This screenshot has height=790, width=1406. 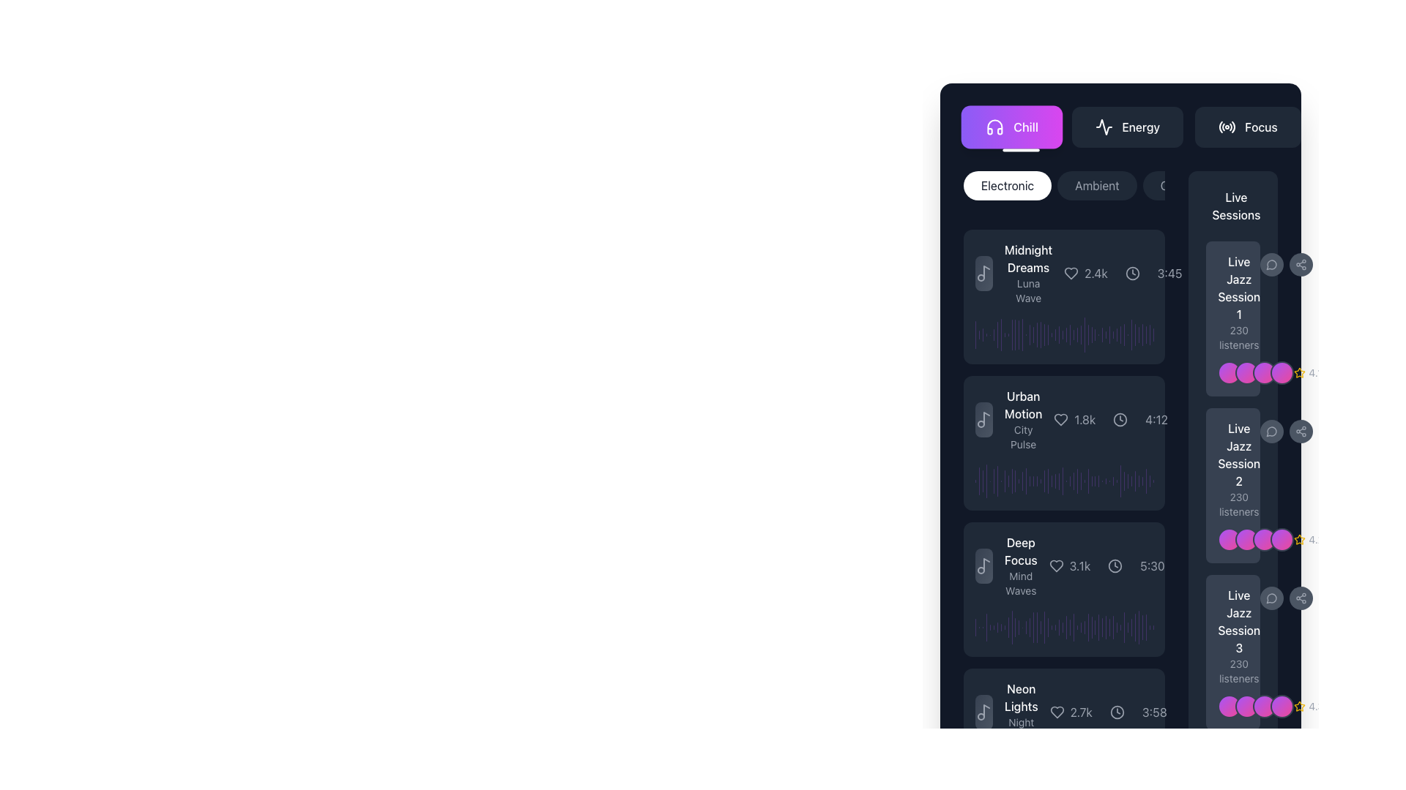 I want to click on the text label displaying the count of likes or favorites associated with the heart icon in the card for the song 'Midnight Dreams', so click(x=1086, y=274).